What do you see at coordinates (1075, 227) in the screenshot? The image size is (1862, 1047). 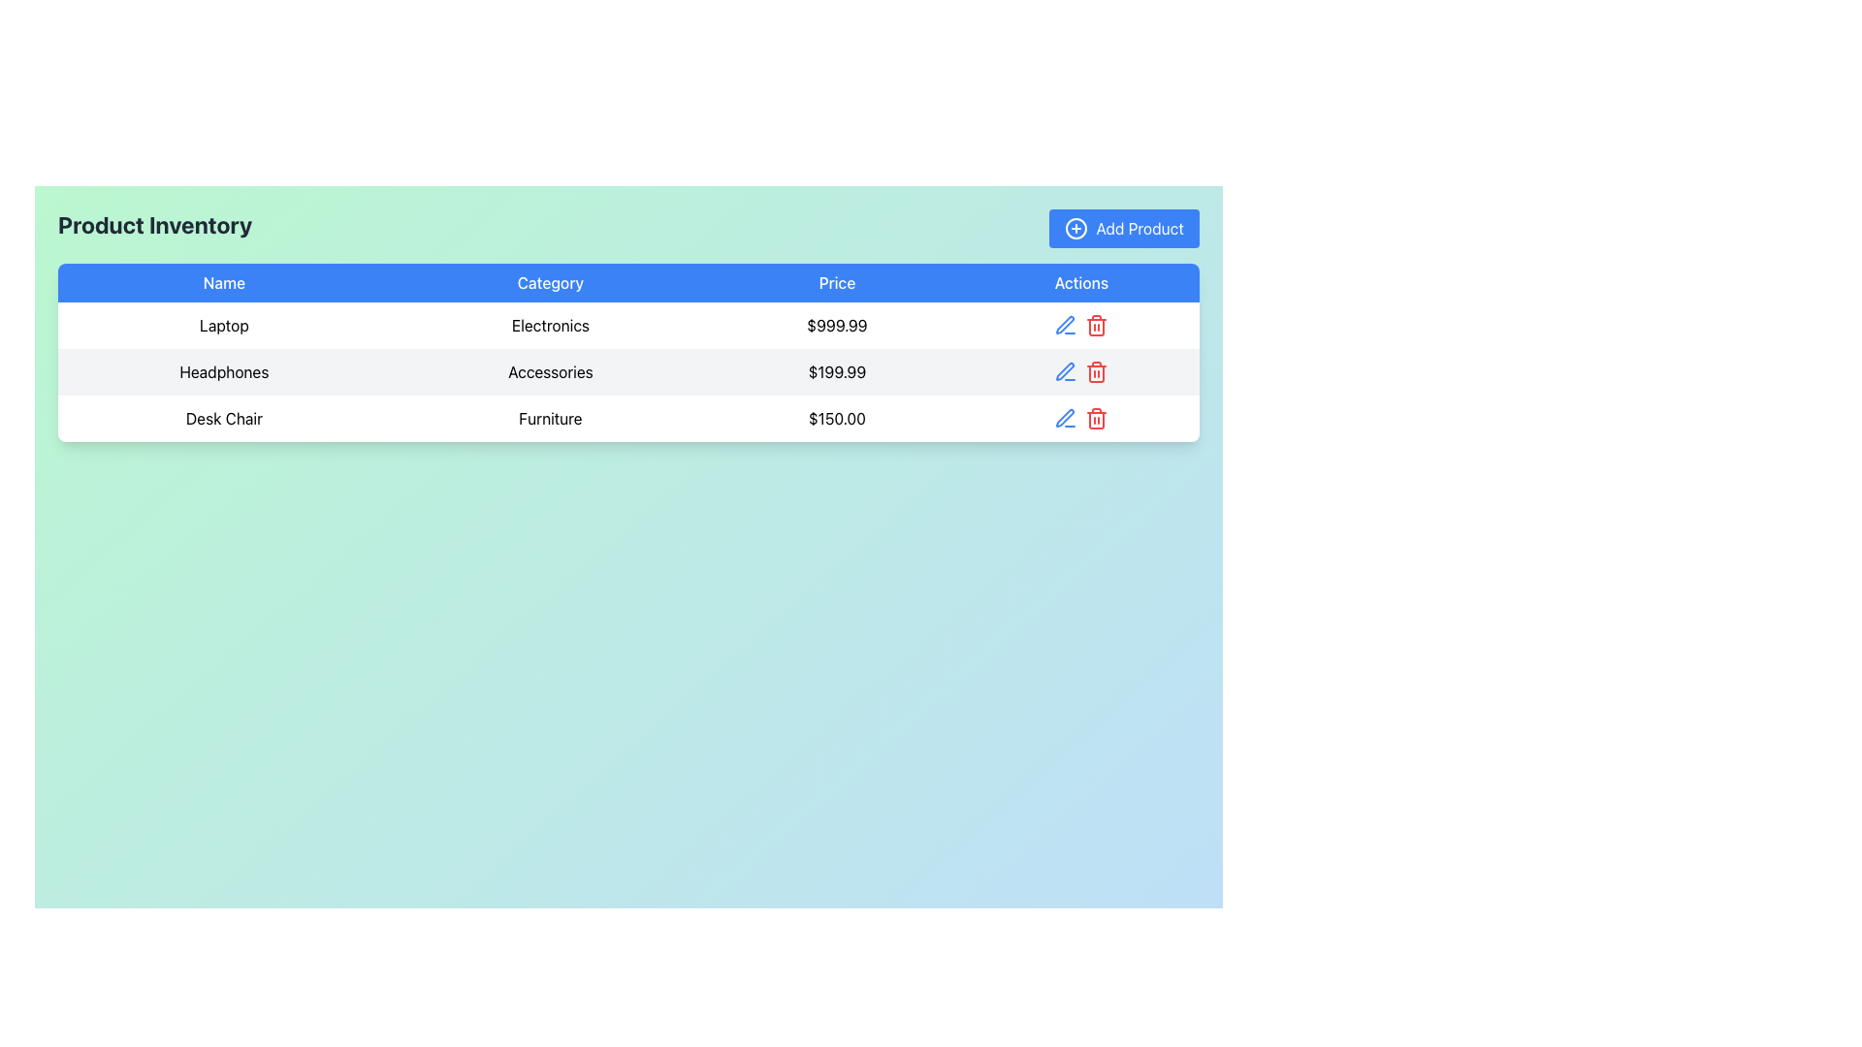 I see `navigation to the 'Add Product' button by targeting the central SVG circle element within it, located at the top-right corner of the interface` at bounding box center [1075, 227].